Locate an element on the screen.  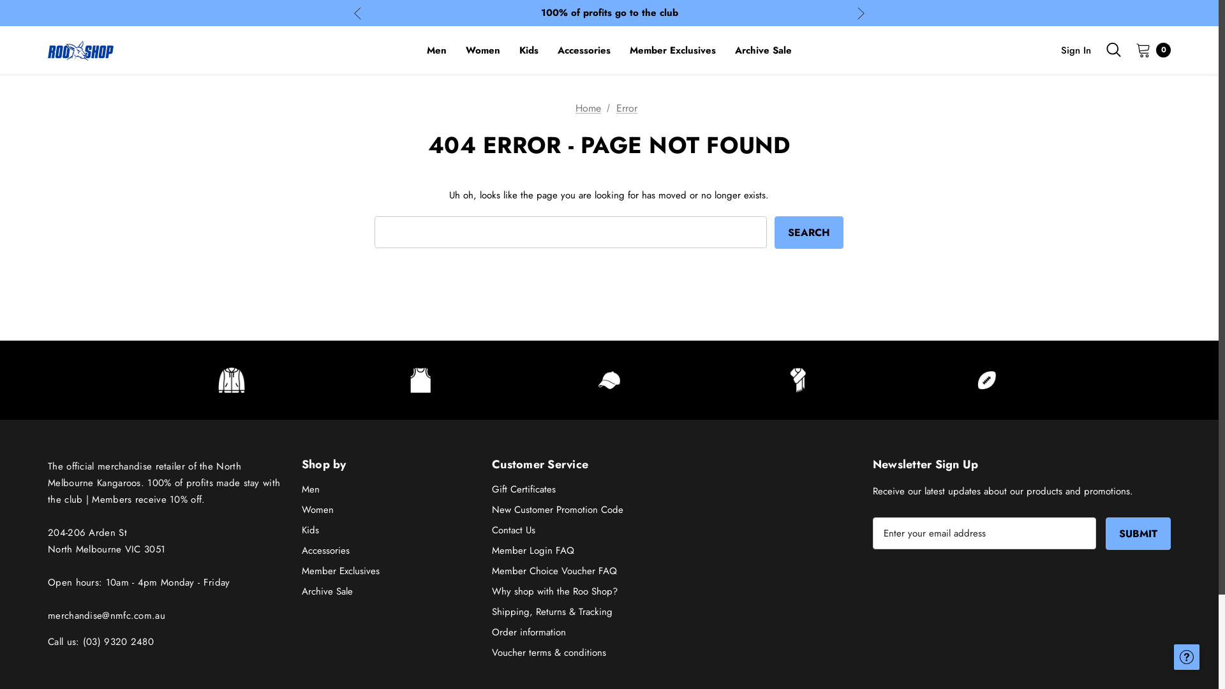
'Member Login FAQ' is located at coordinates (533, 550).